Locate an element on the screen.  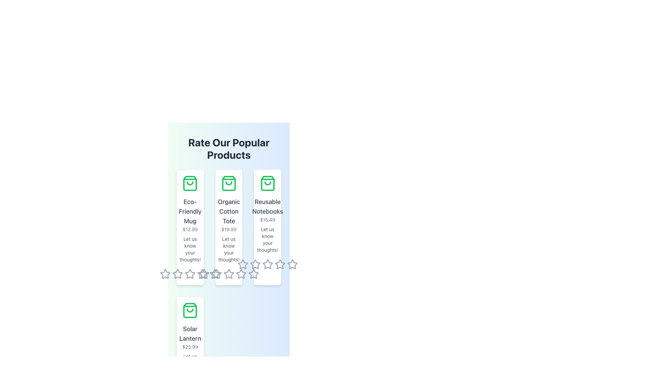
the first rating star icon in the rating system for the Eco-Friendly Mug product to enlarge it is located at coordinates (165, 274).